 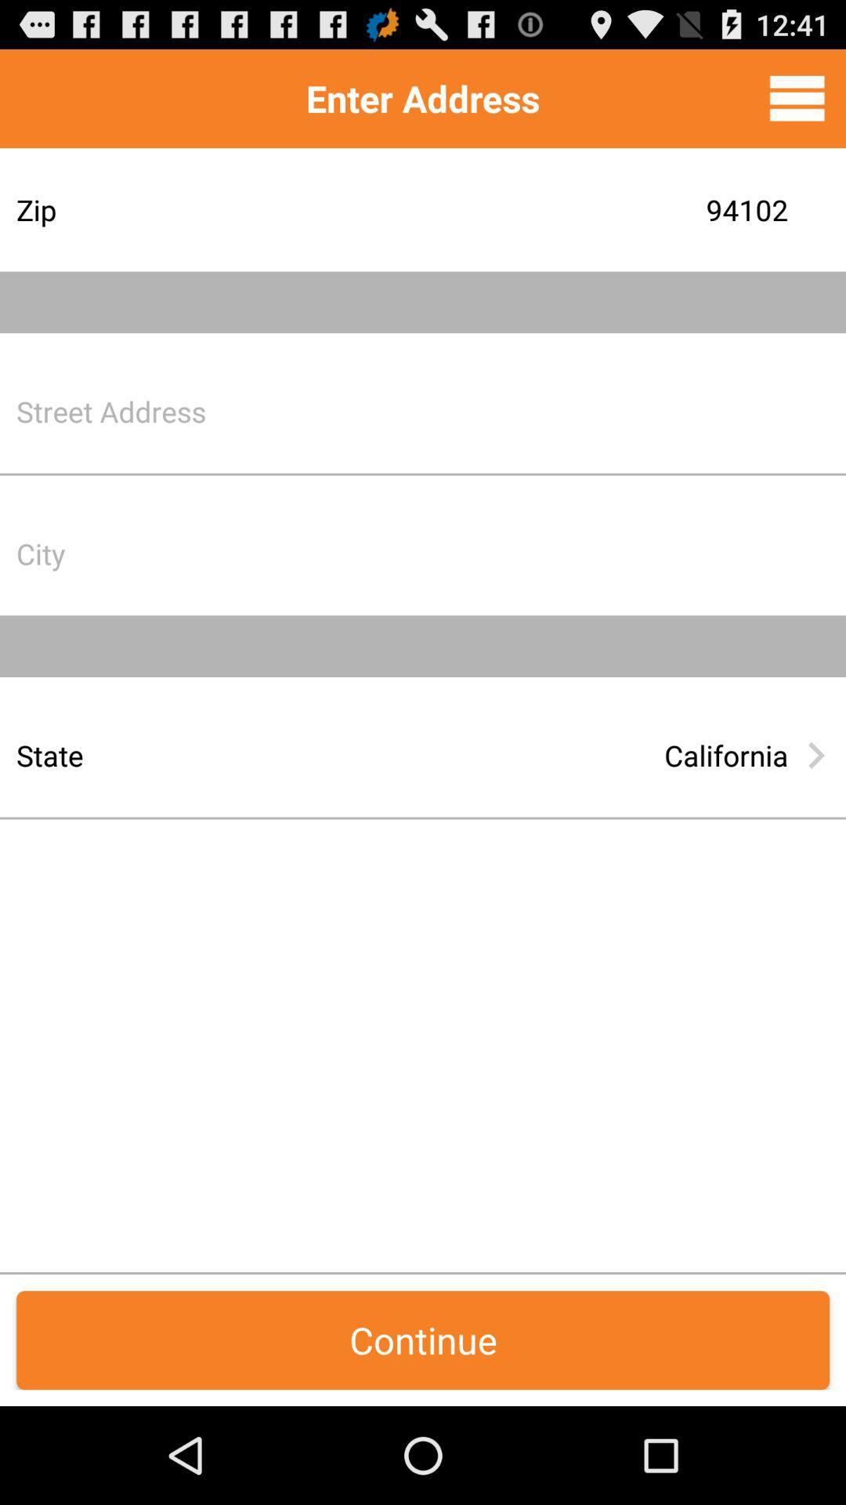 What do you see at coordinates (544, 209) in the screenshot?
I see `the item below enter address item` at bounding box center [544, 209].